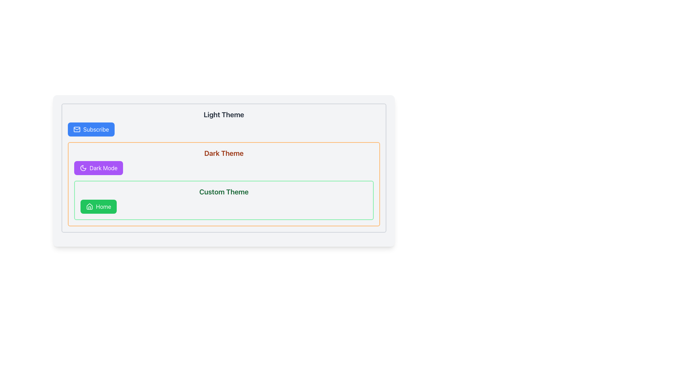 Image resolution: width=675 pixels, height=379 pixels. Describe the element at coordinates (83, 168) in the screenshot. I see `the crescent moon icon within the 'Dark Mode' button, which has a purple background and rounded edges` at that location.